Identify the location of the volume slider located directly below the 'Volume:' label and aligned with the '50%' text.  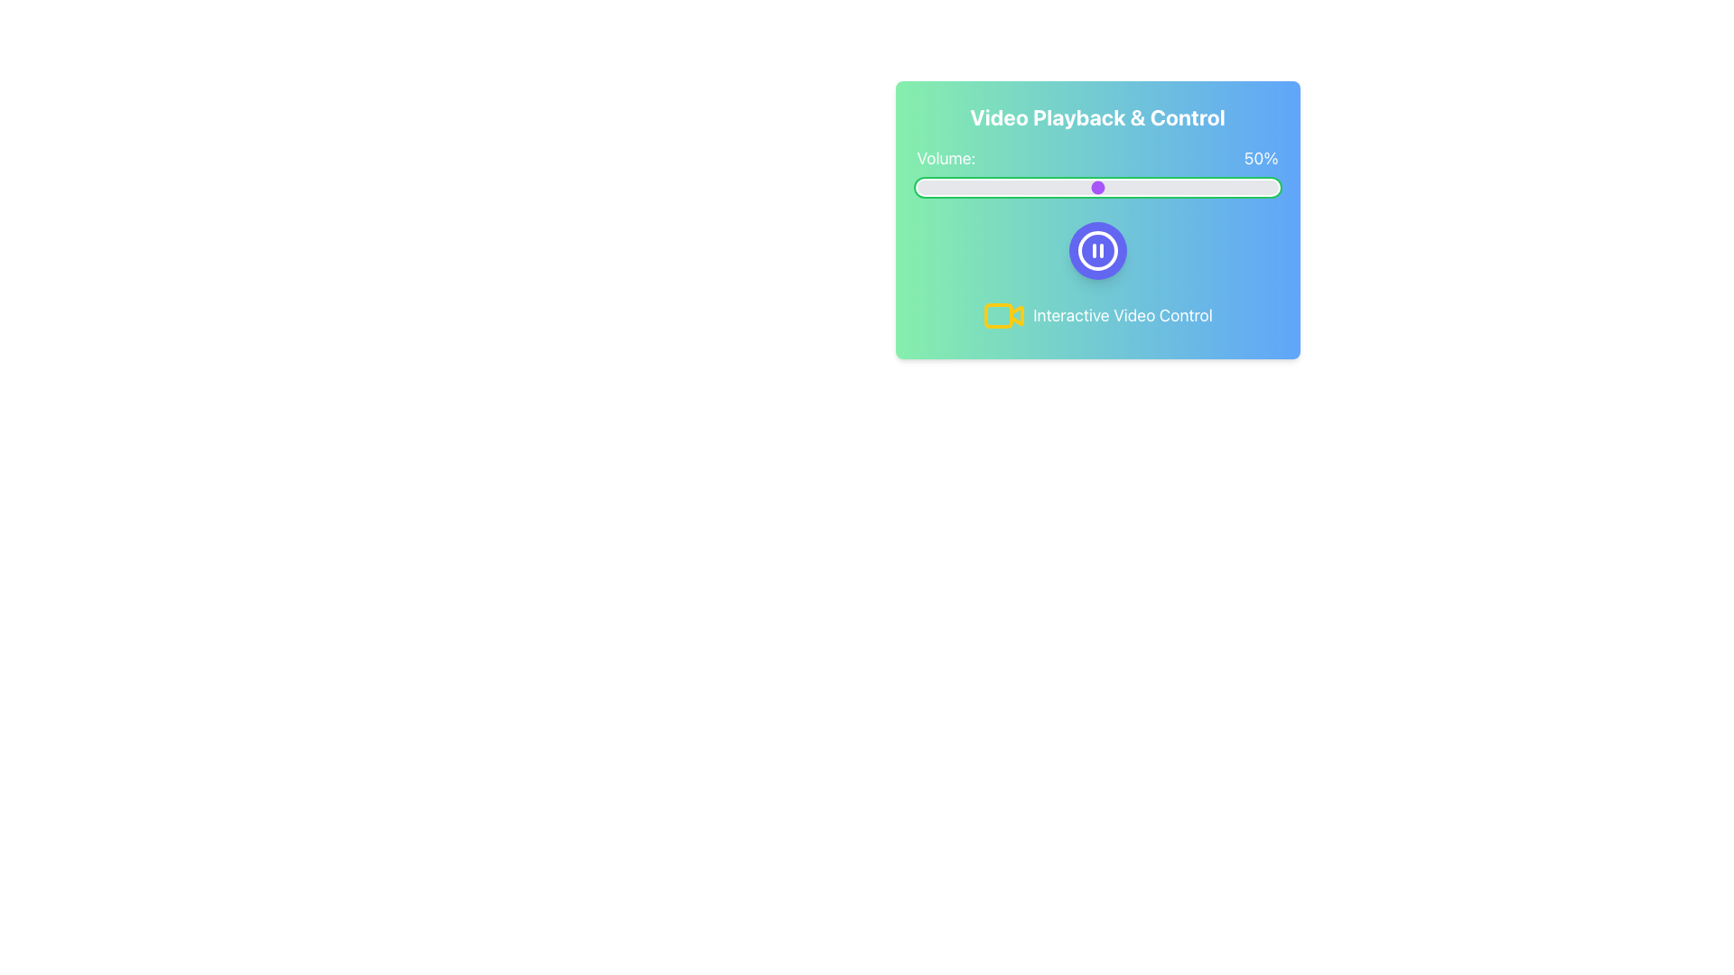
(1096, 188).